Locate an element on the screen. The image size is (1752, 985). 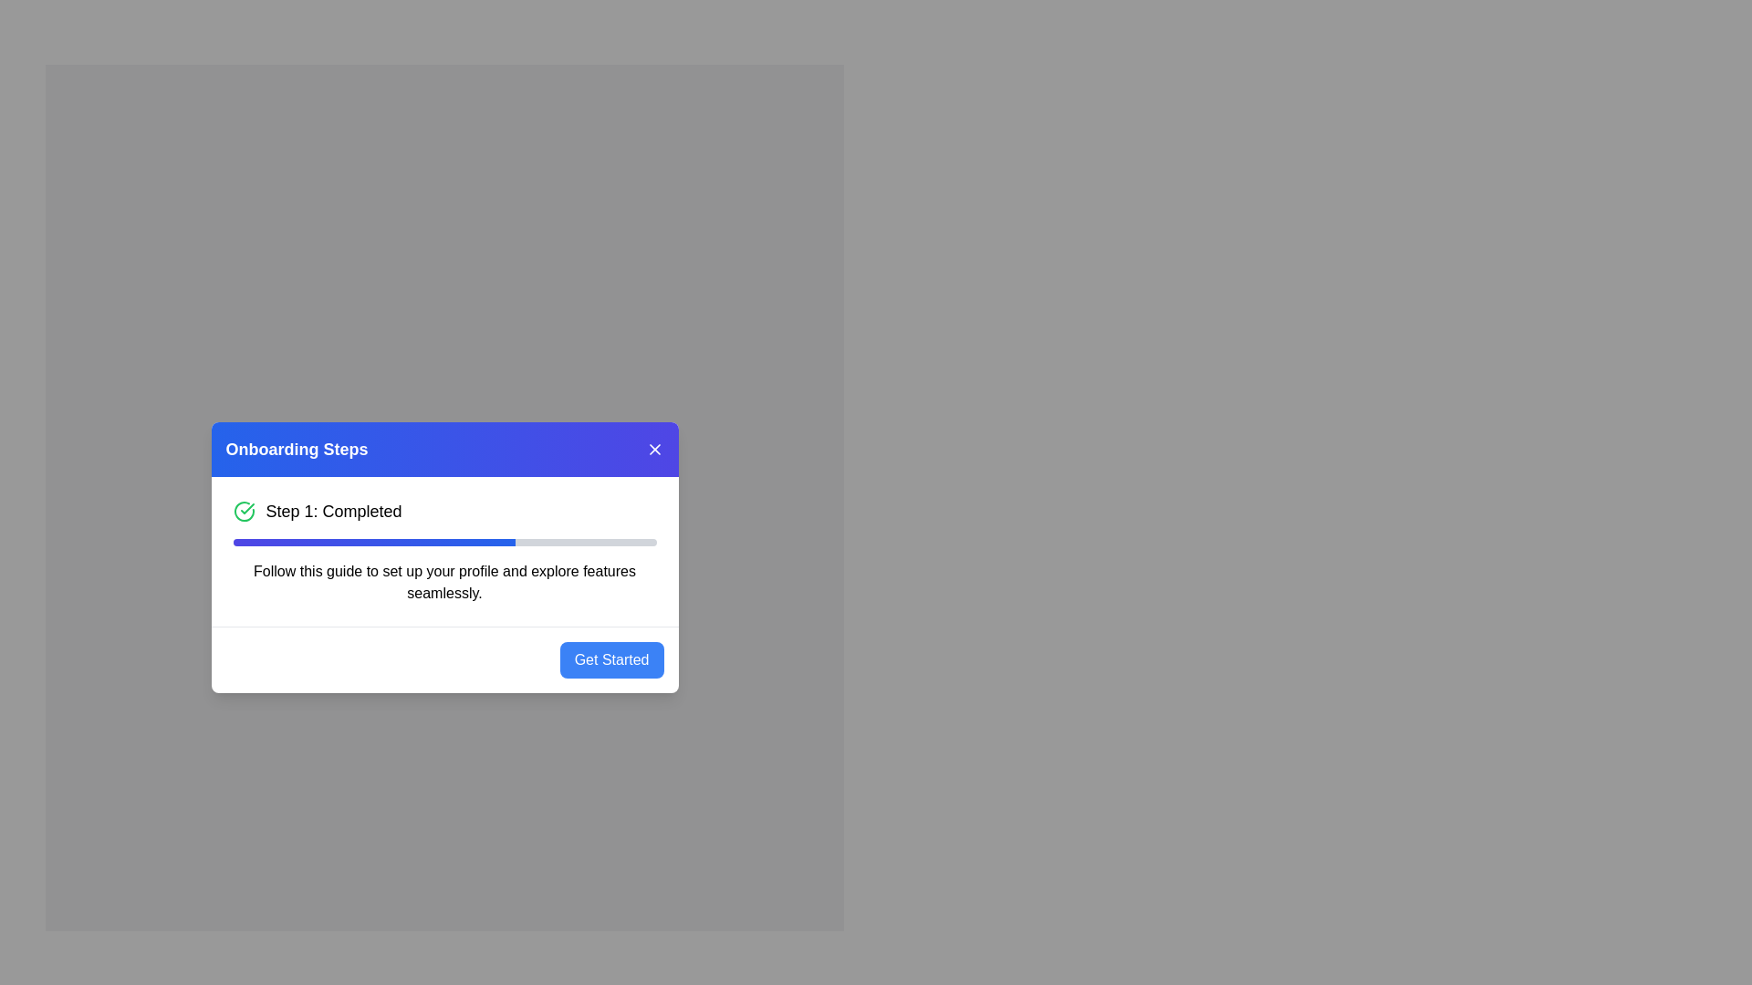
the instructional links in the Informational Panel located centrally within the modal dialog, positioned between the header 'Onboarding Steps' and the 'Get Started' button is located at coordinates (444, 550).